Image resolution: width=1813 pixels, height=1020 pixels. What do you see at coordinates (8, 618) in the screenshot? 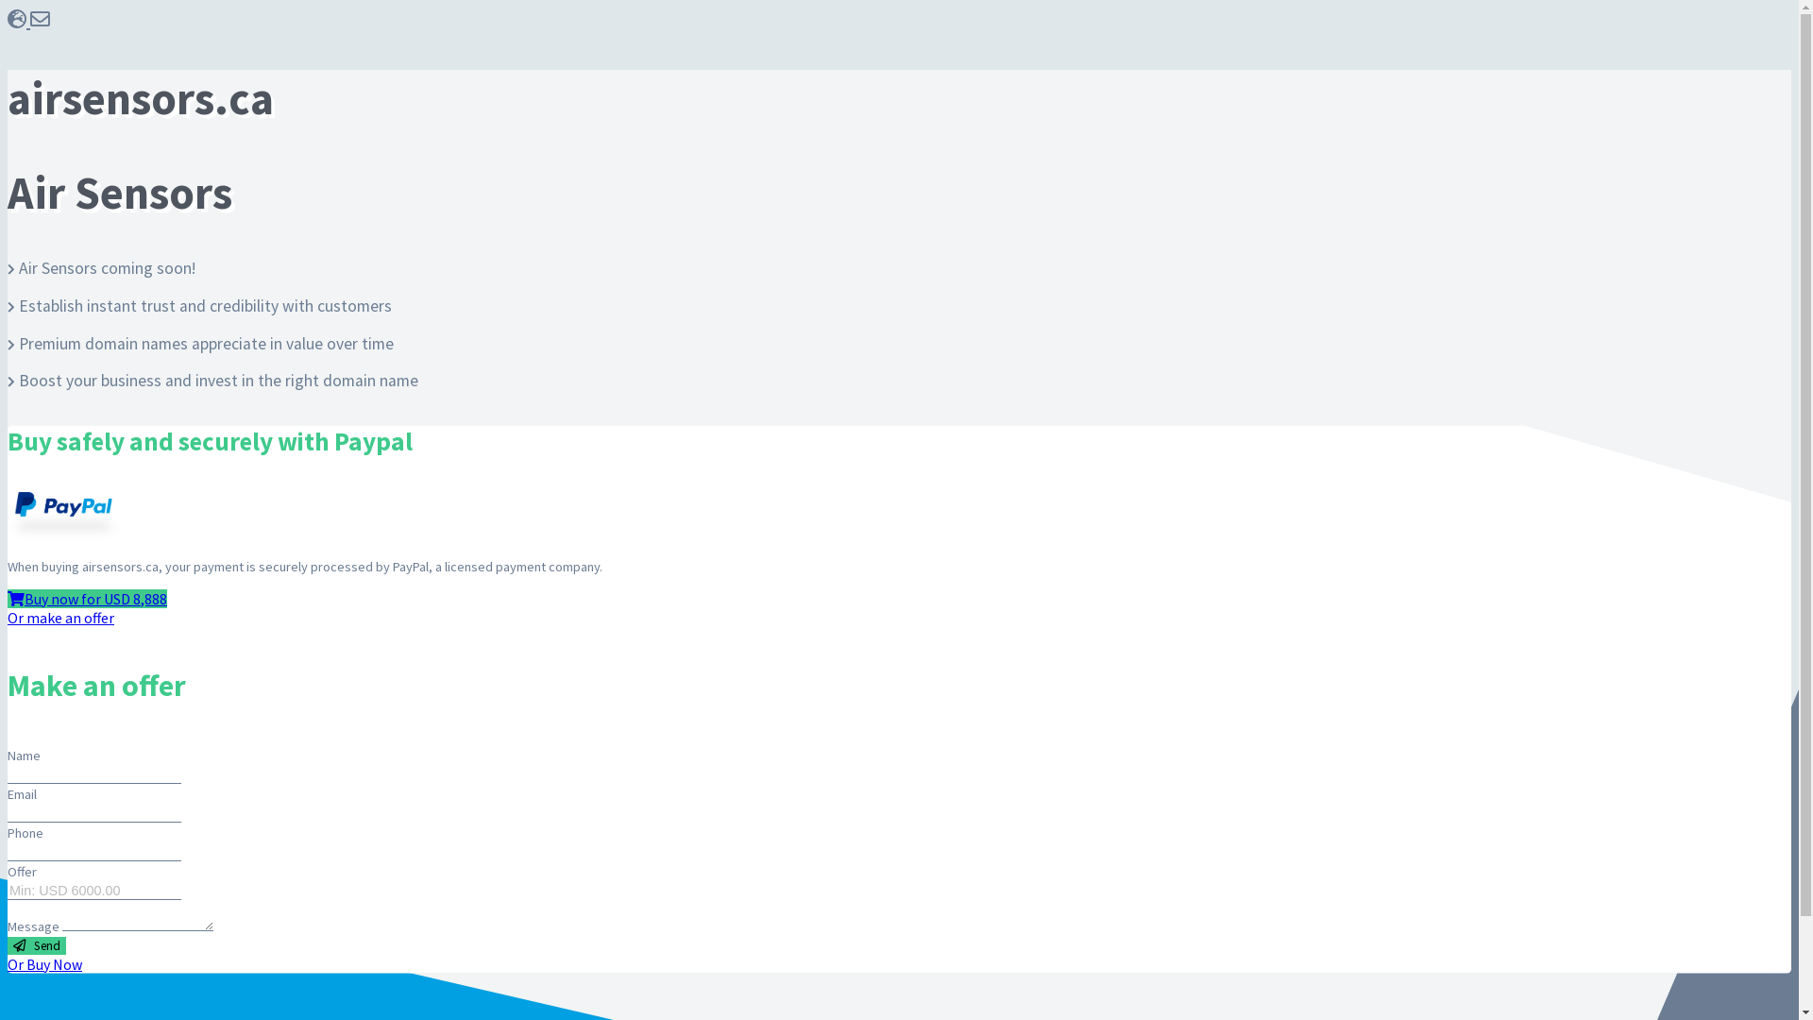
I see `'Or make an offer'` at bounding box center [8, 618].